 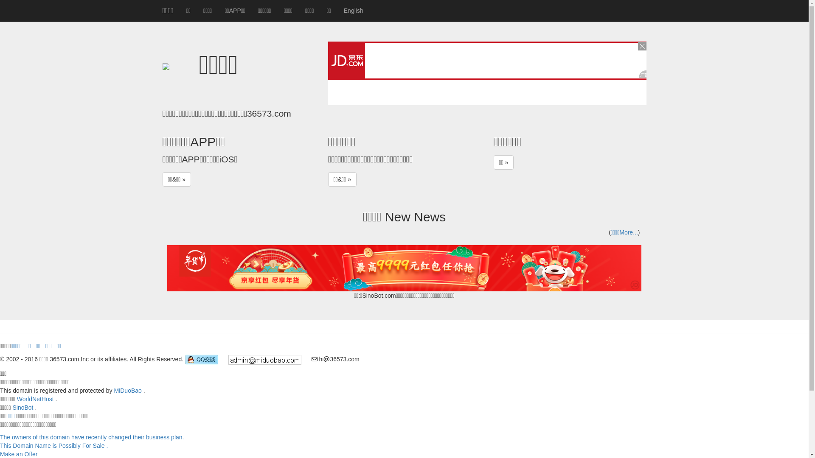 What do you see at coordinates (35, 399) in the screenshot?
I see `'WorldNetHost'` at bounding box center [35, 399].